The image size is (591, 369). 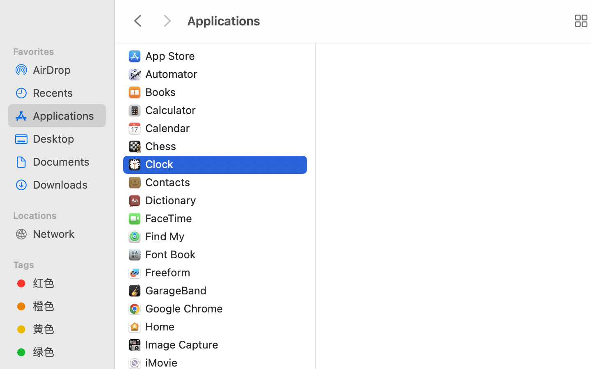 What do you see at coordinates (172, 199) in the screenshot?
I see `'Dictionary'` at bounding box center [172, 199].